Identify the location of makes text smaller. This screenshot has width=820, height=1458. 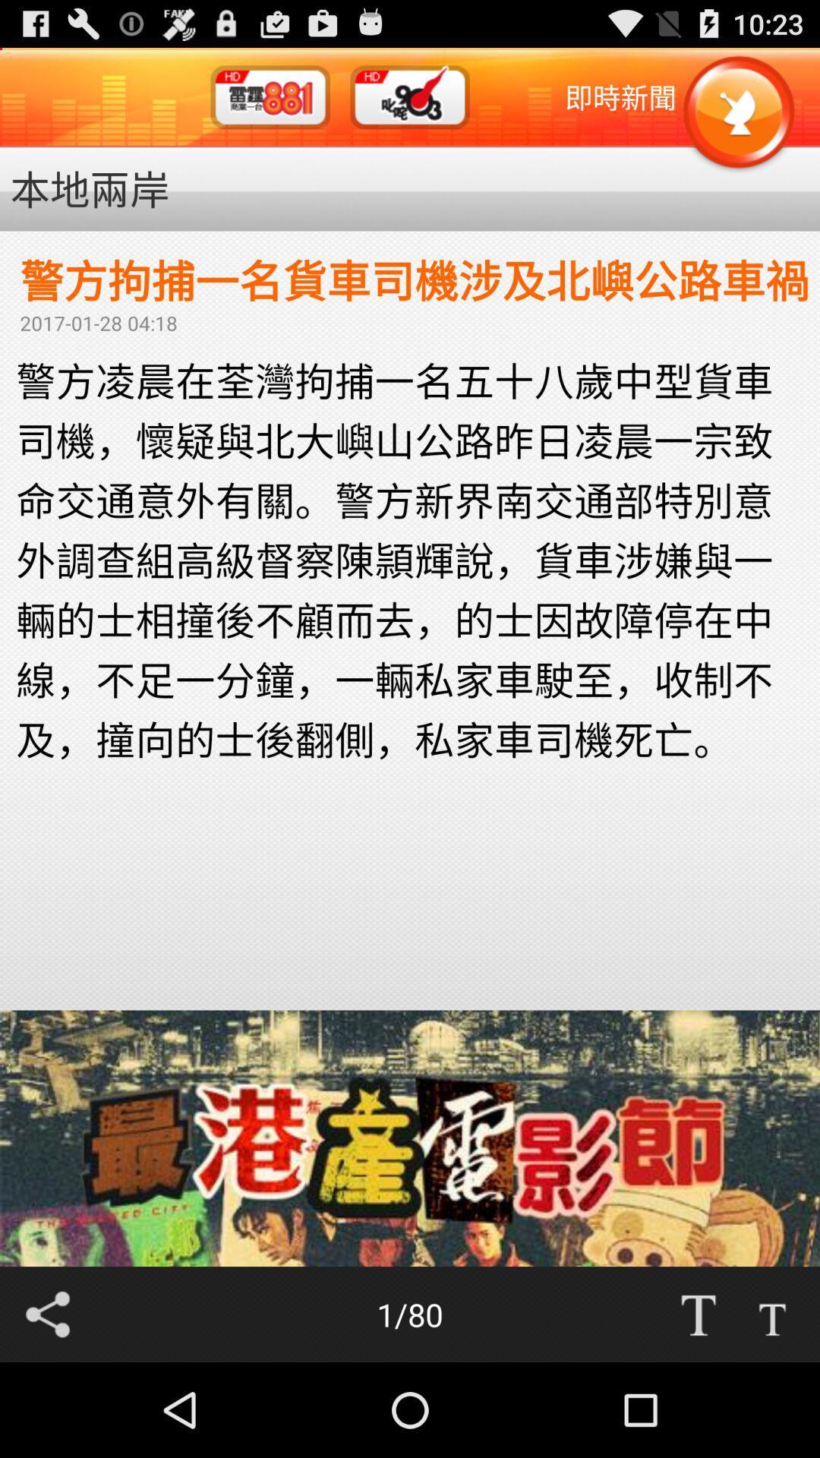
(772, 1314).